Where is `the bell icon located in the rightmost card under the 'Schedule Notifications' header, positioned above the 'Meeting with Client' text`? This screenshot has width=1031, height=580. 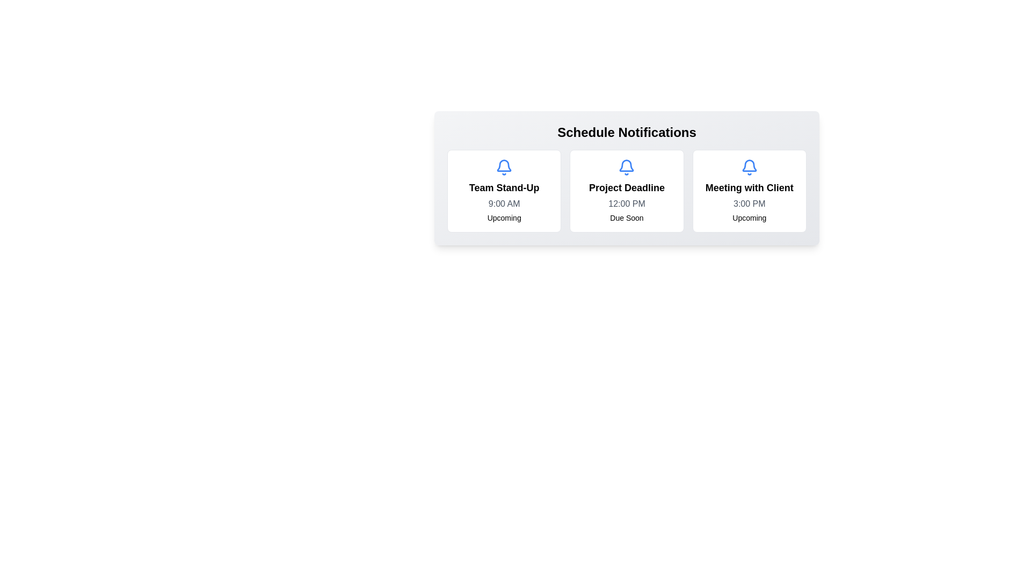
the bell icon located in the rightmost card under the 'Schedule Notifications' header, positioned above the 'Meeting with Client' text is located at coordinates (749, 168).